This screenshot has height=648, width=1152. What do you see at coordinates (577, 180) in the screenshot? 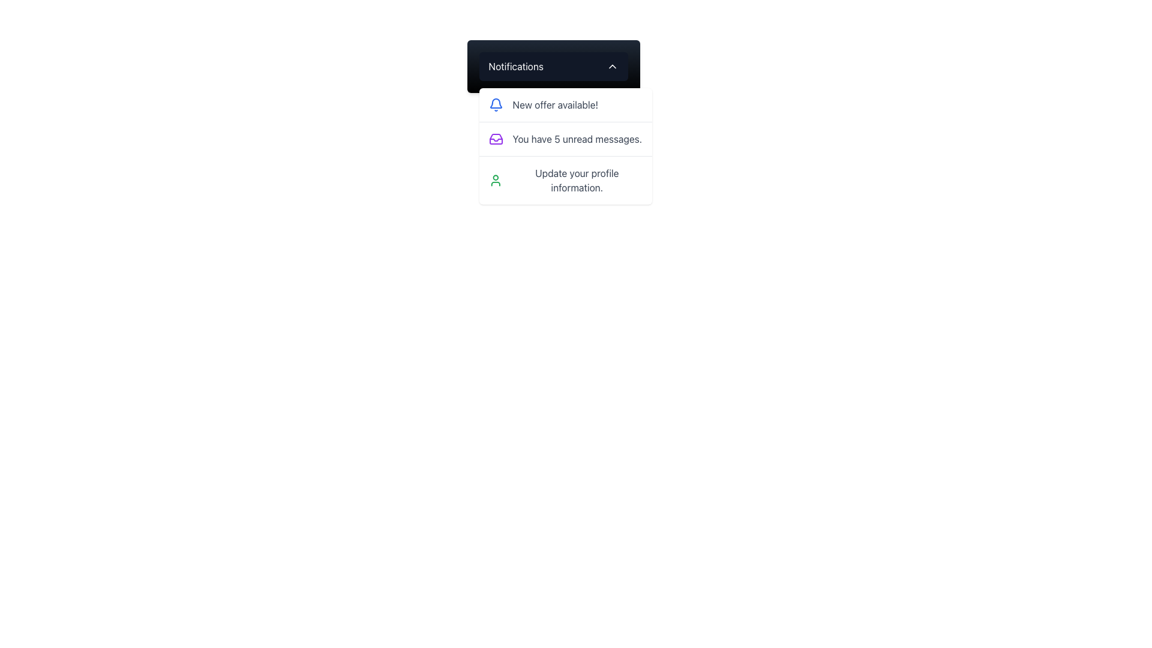
I see `static text indicating the option to update the user's profile information, which is the last entry in the dropdown menu beneath the 'Notifications' button, accompanied by a user silhouette icon in green` at bounding box center [577, 180].